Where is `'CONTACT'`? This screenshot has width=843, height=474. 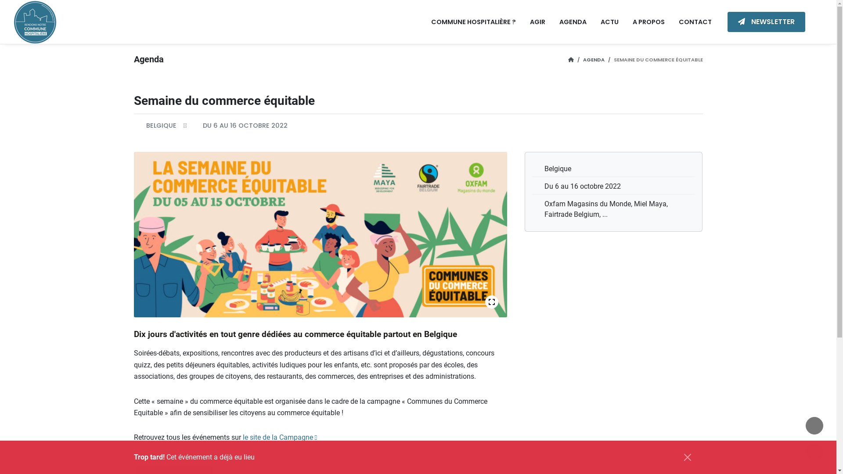 'CONTACT' is located at coordinates (695, 22).